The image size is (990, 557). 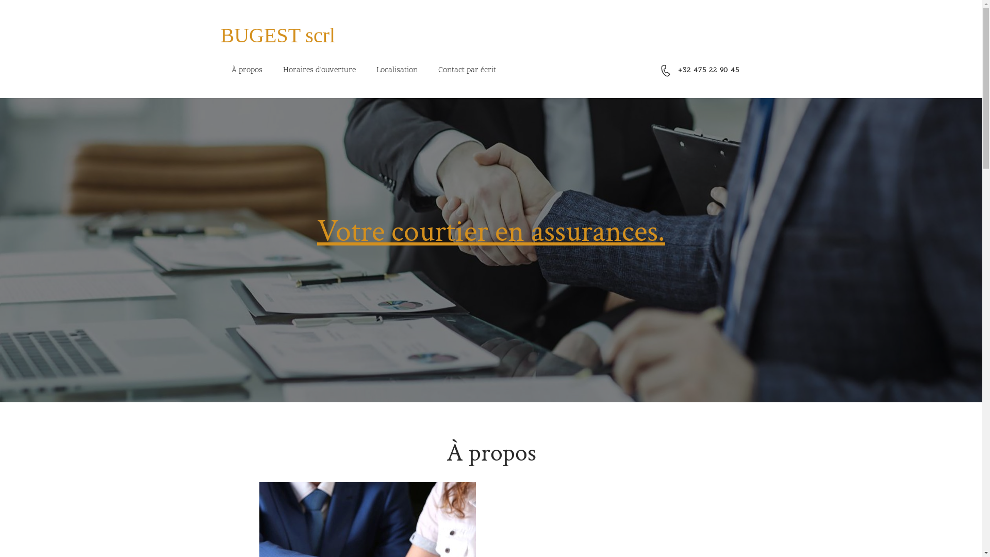 I want to click on 'Horaires d'ouverture', so click(x=318, y=70).